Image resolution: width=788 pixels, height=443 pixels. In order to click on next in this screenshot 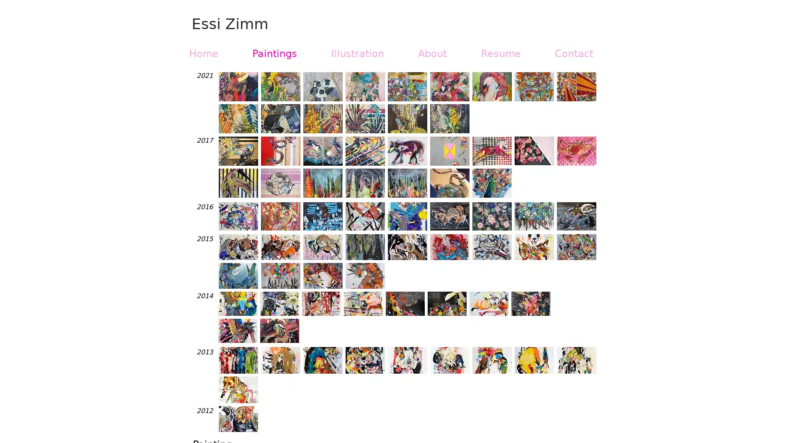, I will do `click(578, 268)`.